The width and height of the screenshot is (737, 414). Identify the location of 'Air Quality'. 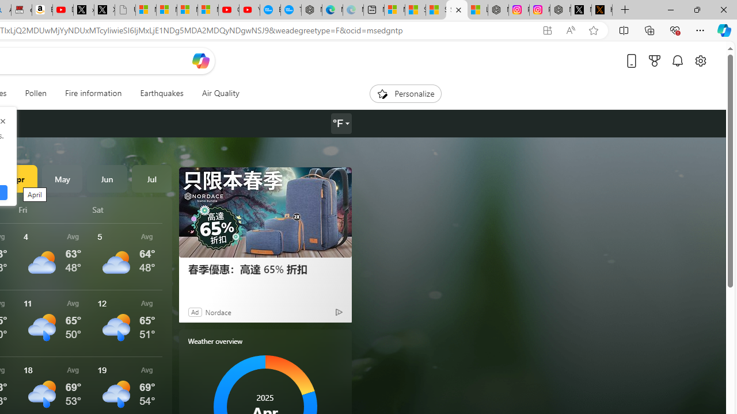
(220, 93).